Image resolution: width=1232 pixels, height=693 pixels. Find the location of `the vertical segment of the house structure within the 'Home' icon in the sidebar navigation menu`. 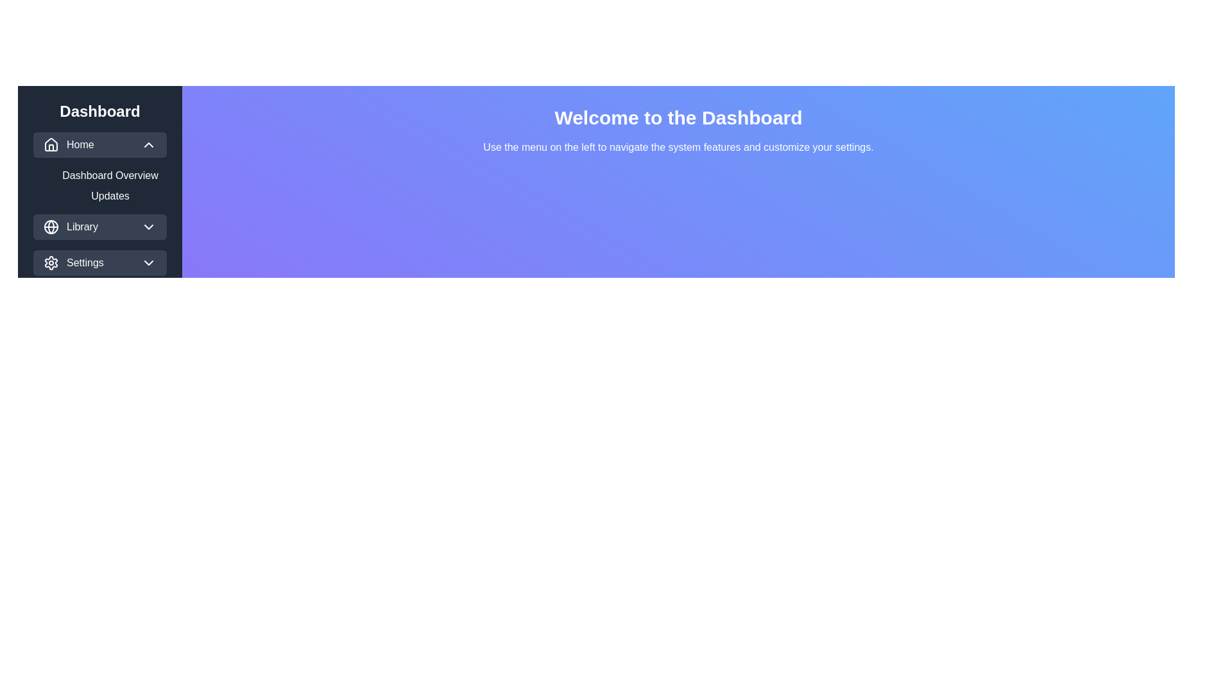

the vertical segment of the house structure within the 'Home' icon in the sidebar navigation menu is located at coordinates (51, 147).